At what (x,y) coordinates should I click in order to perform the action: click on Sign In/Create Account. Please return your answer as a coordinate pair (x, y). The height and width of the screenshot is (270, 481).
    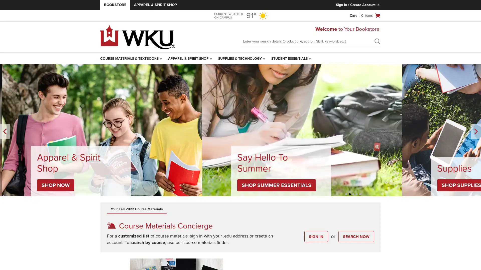
    Looking at the image, I should click on (358, 5).